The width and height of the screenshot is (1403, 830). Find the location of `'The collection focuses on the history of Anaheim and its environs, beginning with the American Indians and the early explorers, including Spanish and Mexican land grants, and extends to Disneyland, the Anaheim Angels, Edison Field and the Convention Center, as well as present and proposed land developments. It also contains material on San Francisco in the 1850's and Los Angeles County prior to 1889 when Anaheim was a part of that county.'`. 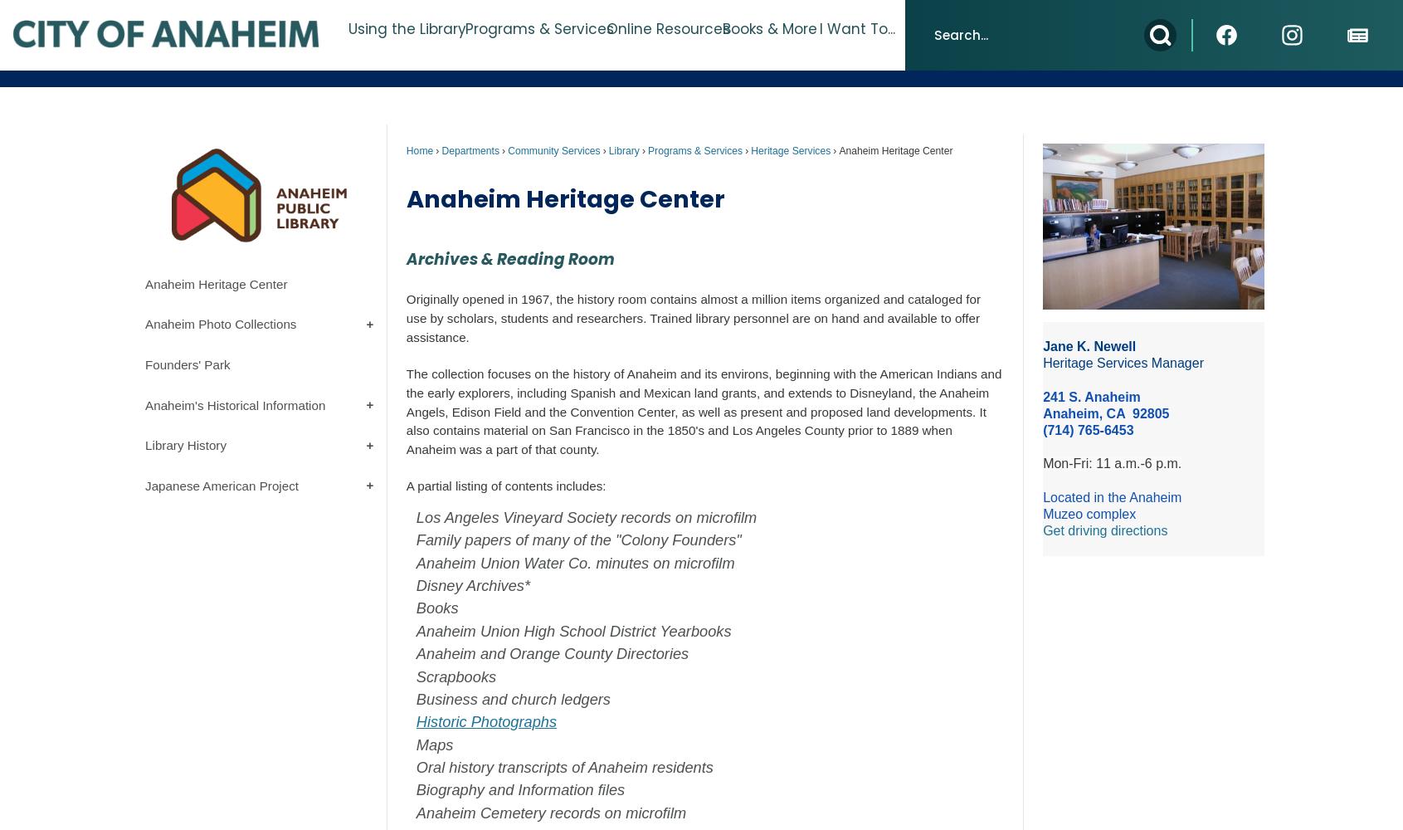

'The collection focuses on the history of Anaheim and its environs, beginning with the American Indians and the early explorers, including Spanish and Mexican land grants, and extends to Disneyland, the Anaheim Angels, Edison Field and the Convention Center, as well as present and proposed land developments. It also contains material on San Francisco in the 1850's and Los Angeles County prior to 1889 when Anaheim was a part of that county.' is located at coordinates (704, 411).